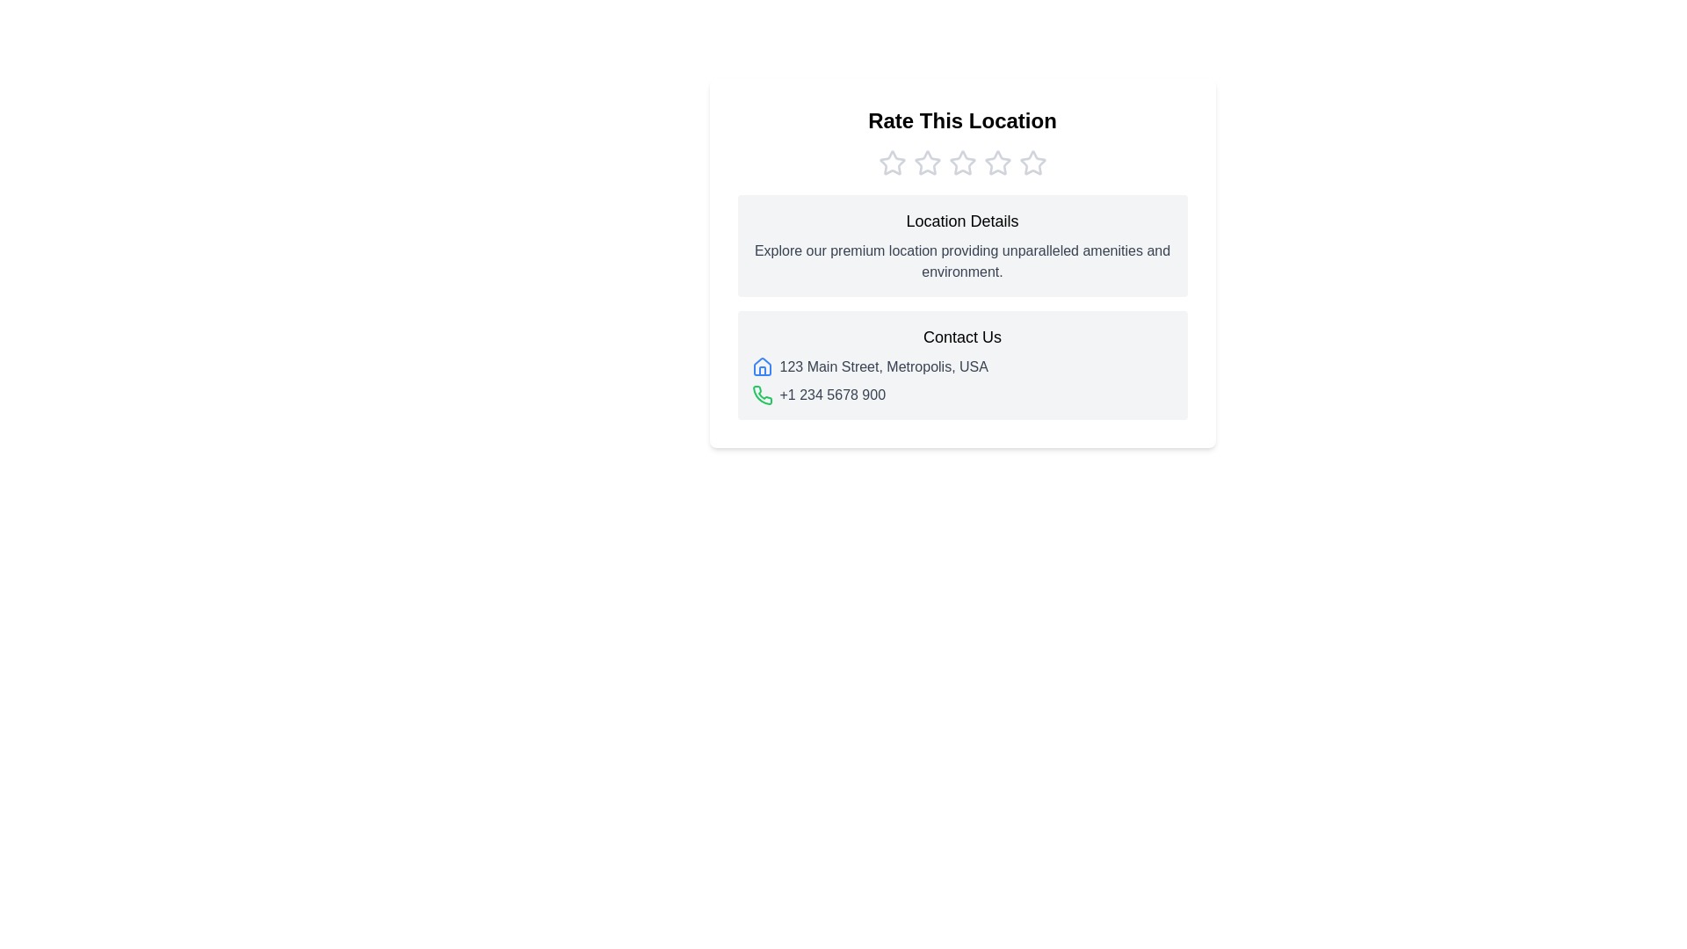 The height and width of the screenshot is (949, 1687). What do you see at coordinates (1032, 163) in the screenshot?
I see `the sixth star-shaped icon in the rating interface for accessibility navigation` at bounding box center [1032, 163].